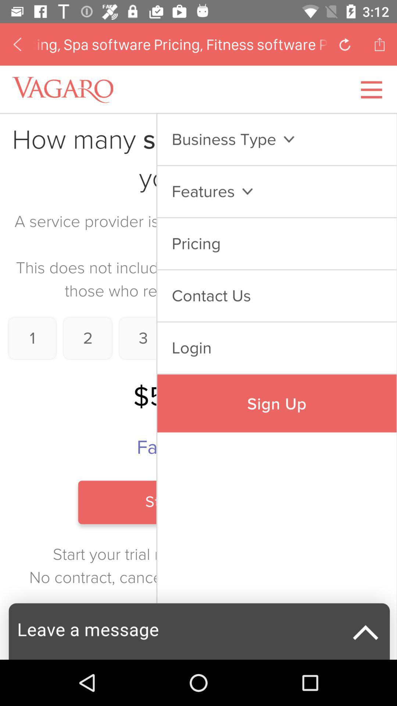  I want to click on upload, so click(379, 44).